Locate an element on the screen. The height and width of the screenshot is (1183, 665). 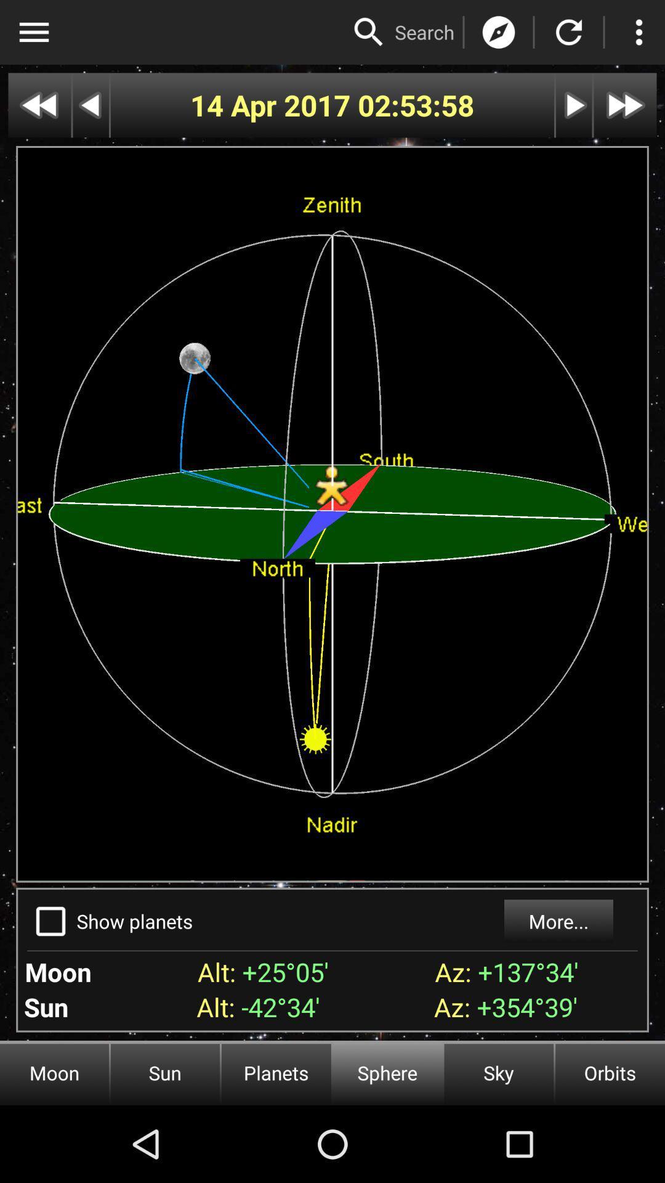
the more... is located at coordinates (558, 921).